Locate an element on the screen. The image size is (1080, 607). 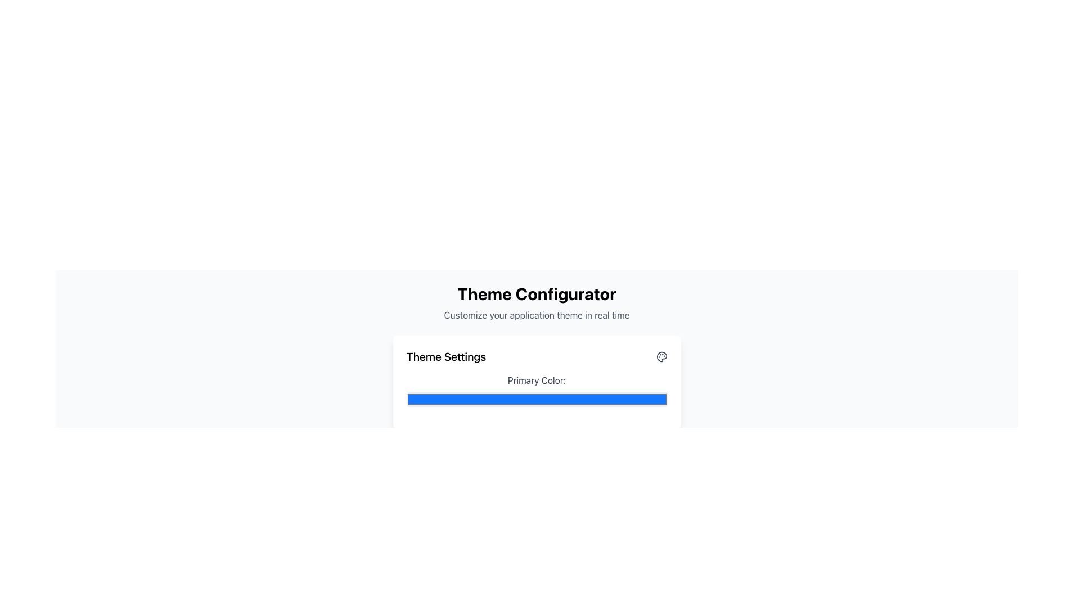
the color selection bar in the Theme Configurator is located at coordinates (536, 382).